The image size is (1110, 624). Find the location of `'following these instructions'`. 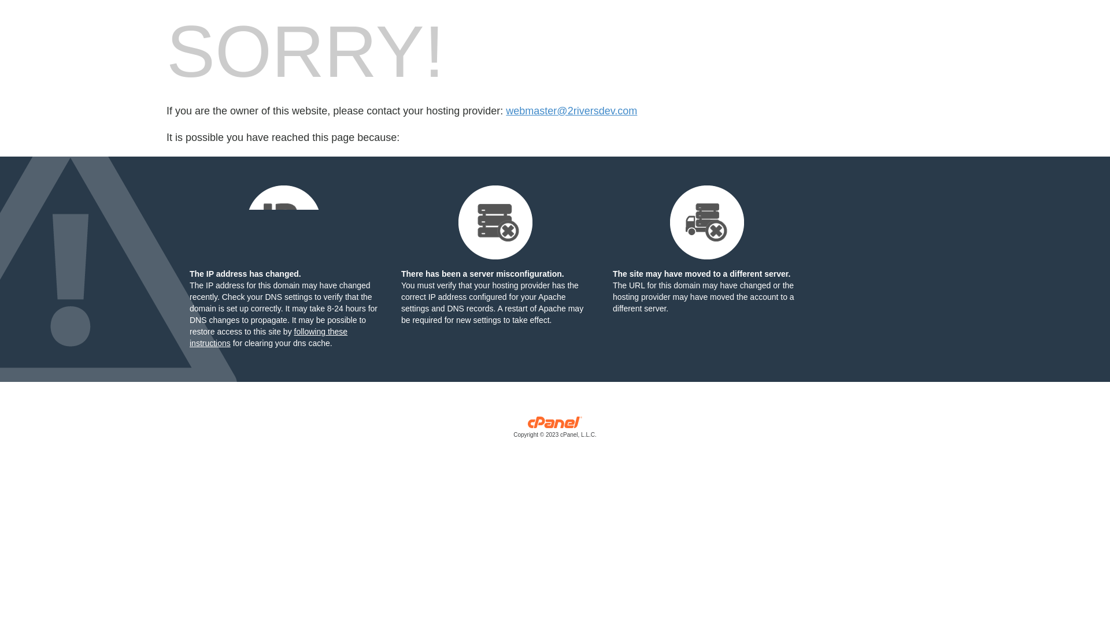

'following these instructions' is located at coordinates (268, 337).